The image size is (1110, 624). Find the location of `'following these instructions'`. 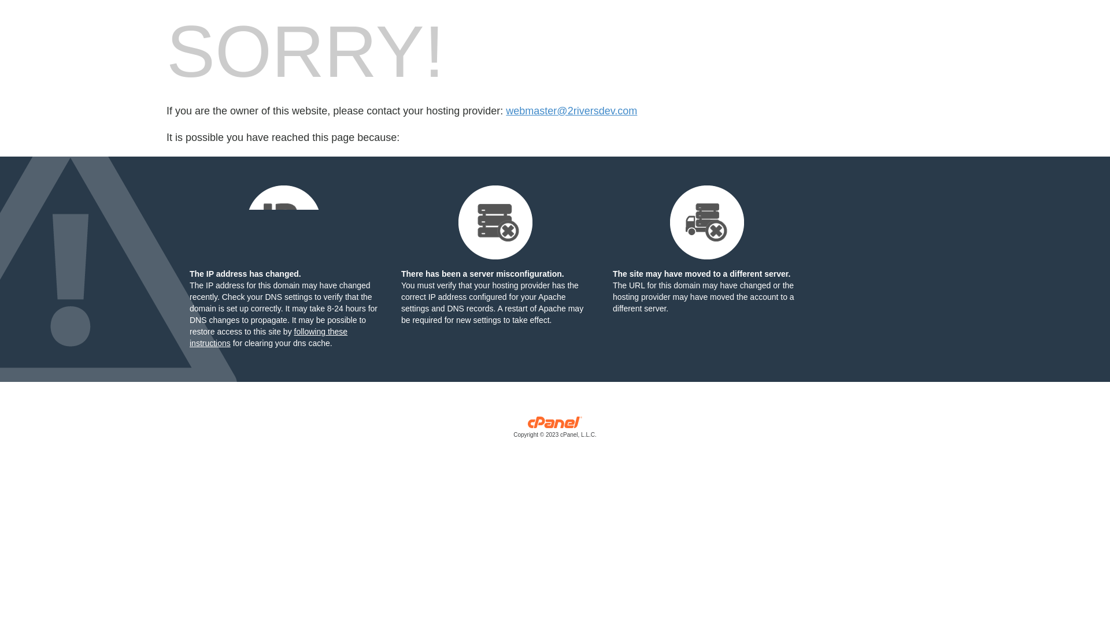

'following these instructions' is located at coordinates (268, 337).